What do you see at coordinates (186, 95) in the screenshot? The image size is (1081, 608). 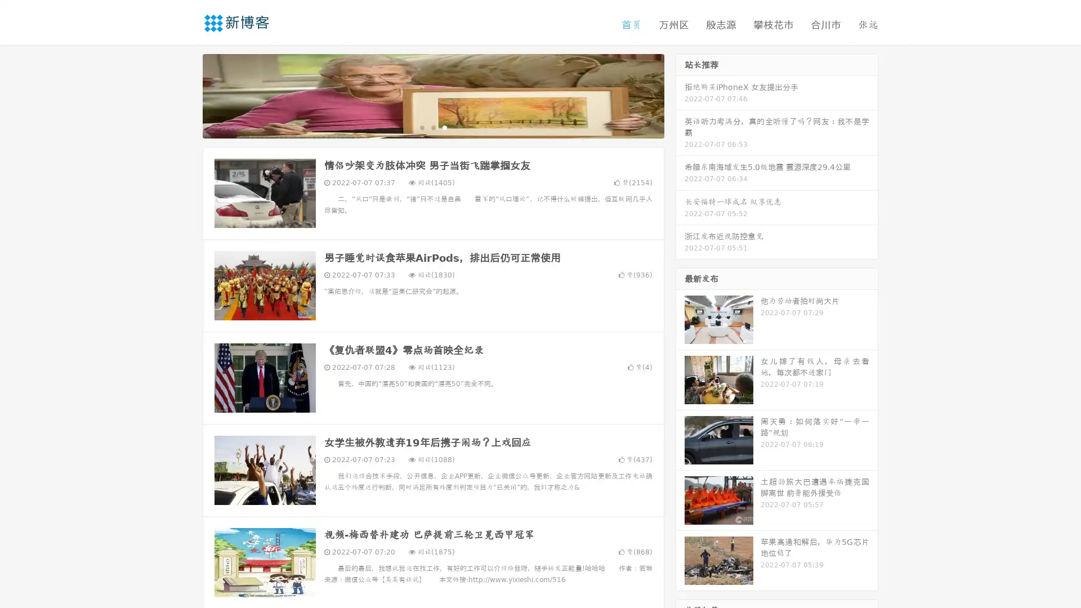 I see `Previous slide` at bounding box center [186, 95].